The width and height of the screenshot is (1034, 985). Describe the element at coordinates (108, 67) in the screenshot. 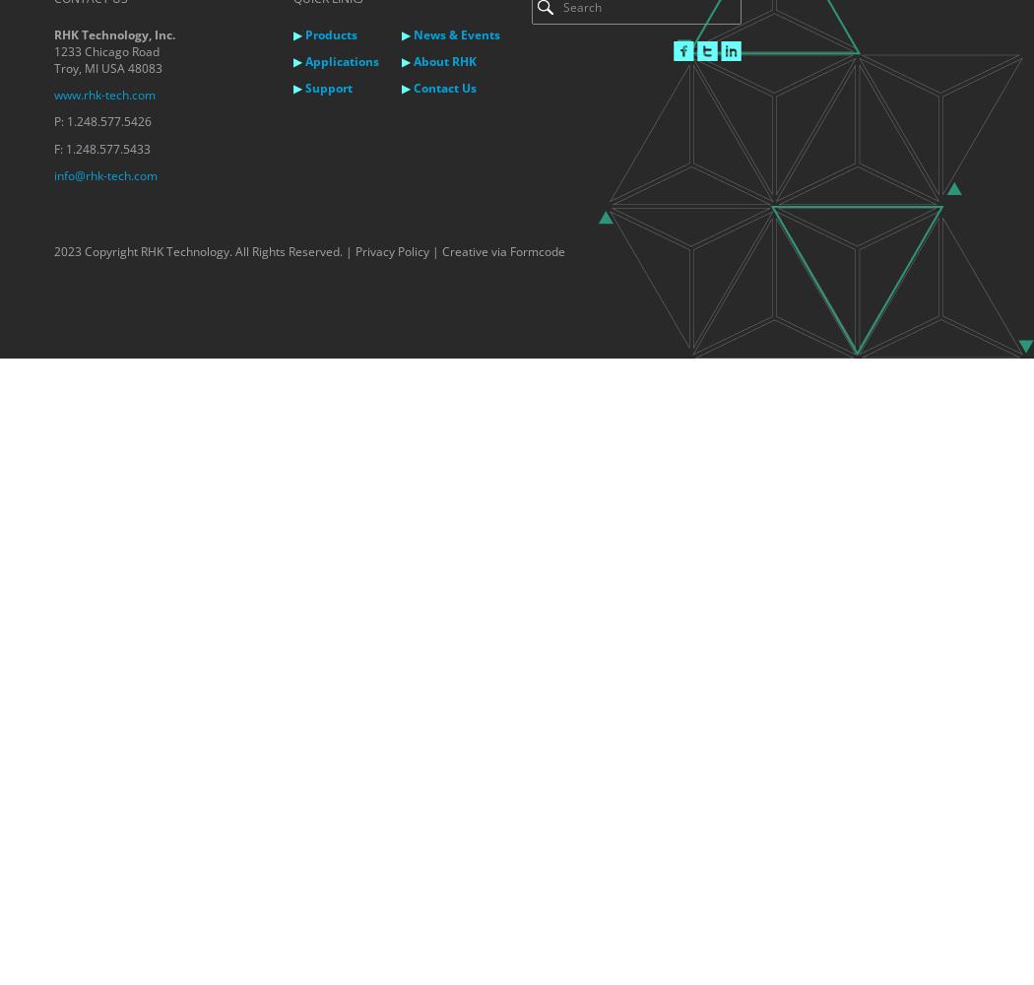

I see `'Troy, MI USA 48083'` at that location.